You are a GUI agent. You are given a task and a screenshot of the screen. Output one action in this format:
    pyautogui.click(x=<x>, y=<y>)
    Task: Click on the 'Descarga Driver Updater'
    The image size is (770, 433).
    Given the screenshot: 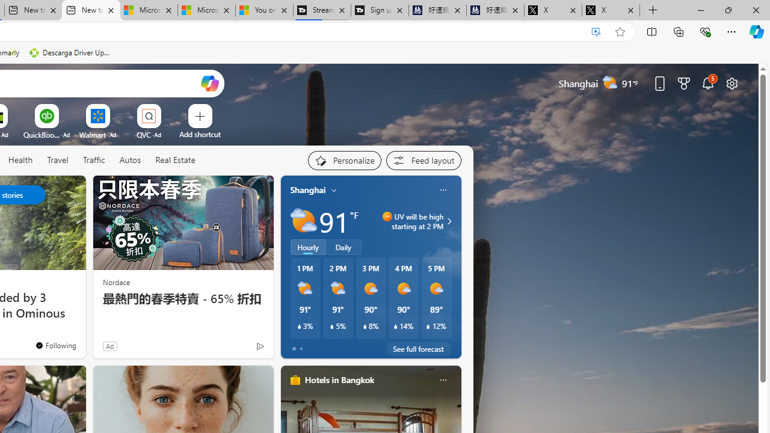 What is the action you would take?
    pyautogui.click(x=70, y=52)
    